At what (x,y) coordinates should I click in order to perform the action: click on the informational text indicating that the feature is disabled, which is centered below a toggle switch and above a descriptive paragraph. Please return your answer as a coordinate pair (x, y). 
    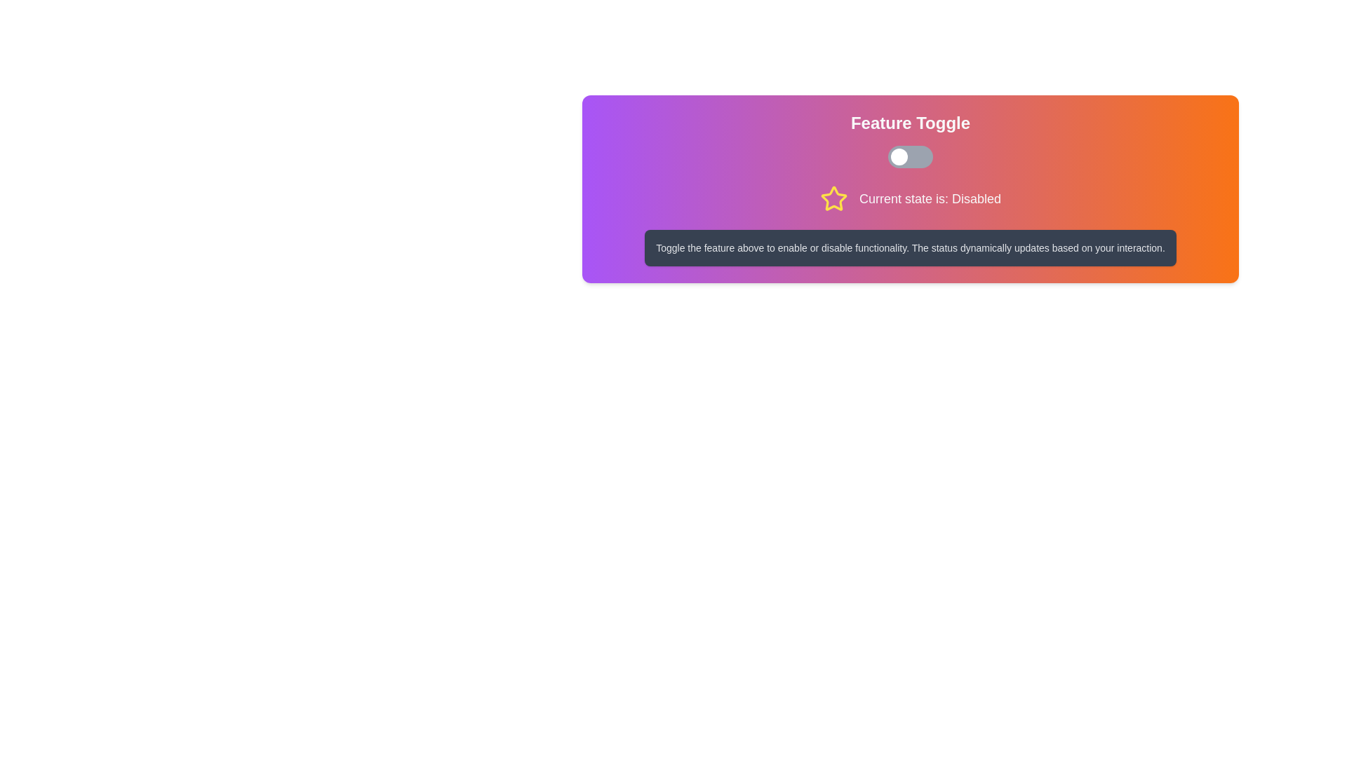
    Looking at the image, I should click on (910, 199).